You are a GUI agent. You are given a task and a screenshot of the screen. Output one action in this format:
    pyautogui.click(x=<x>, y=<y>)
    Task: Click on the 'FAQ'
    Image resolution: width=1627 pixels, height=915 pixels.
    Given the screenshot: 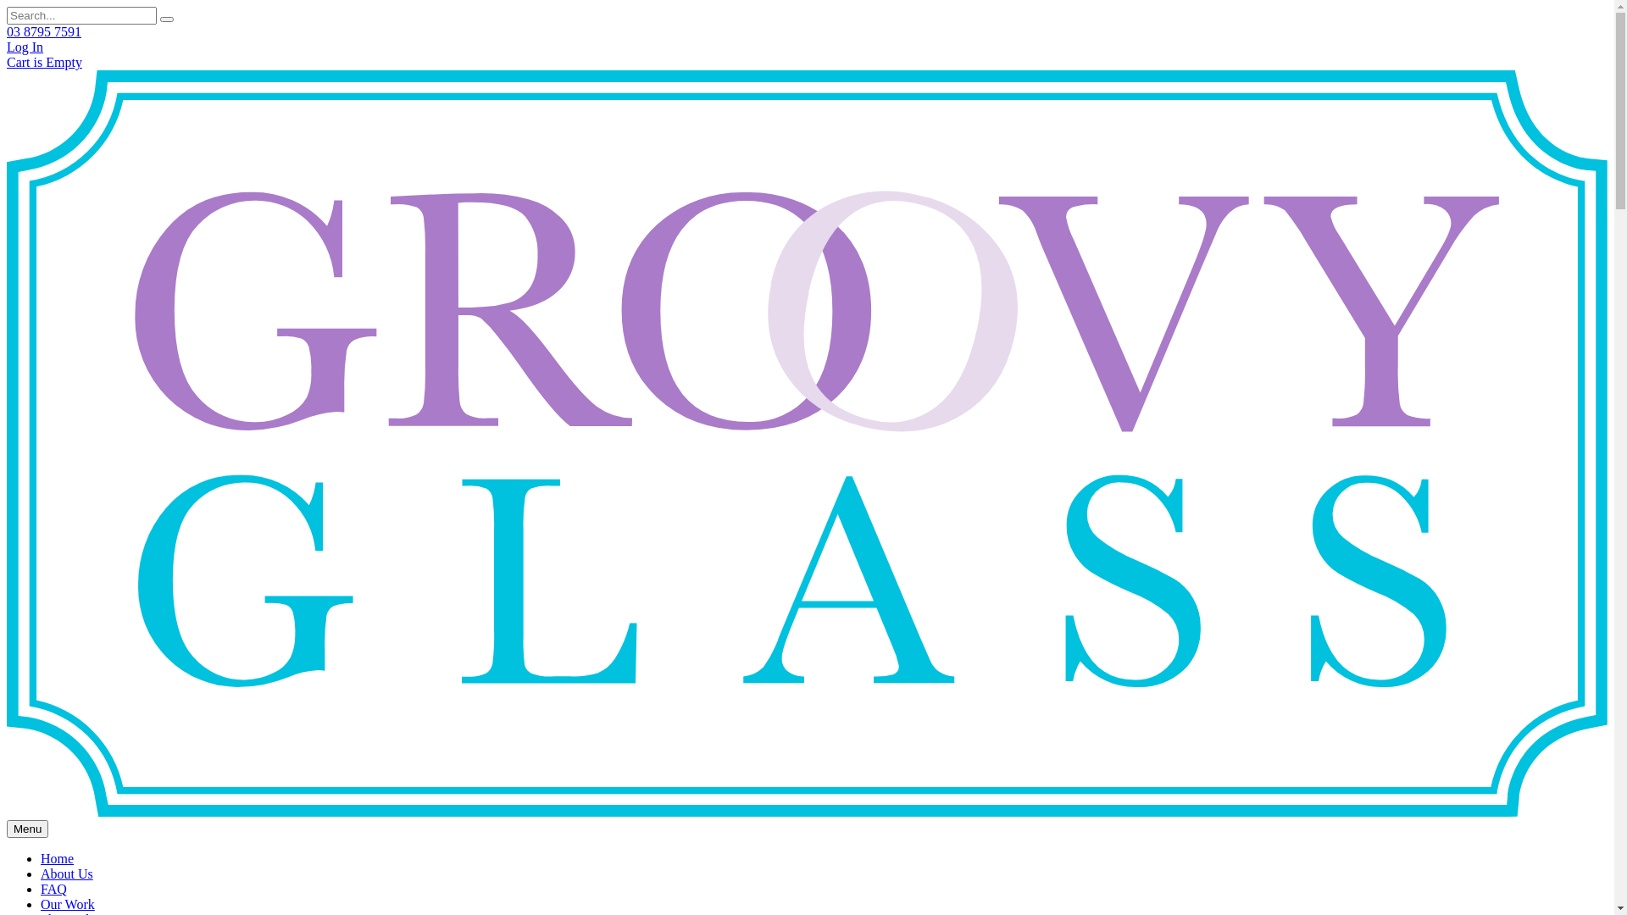 What is the action you would take?
    pyautogui.click(x=53, y=888)
    